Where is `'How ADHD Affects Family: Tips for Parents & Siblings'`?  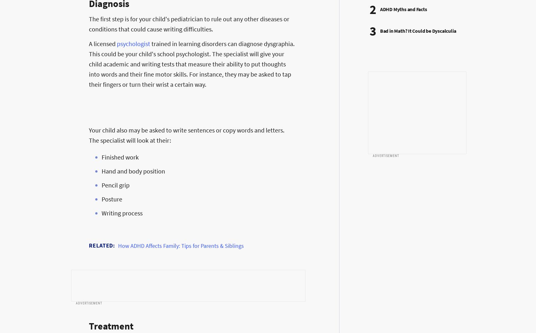 'How ADHD Affects Family: Tips for Parents & Siblings' is located at coordinates (181, 245).